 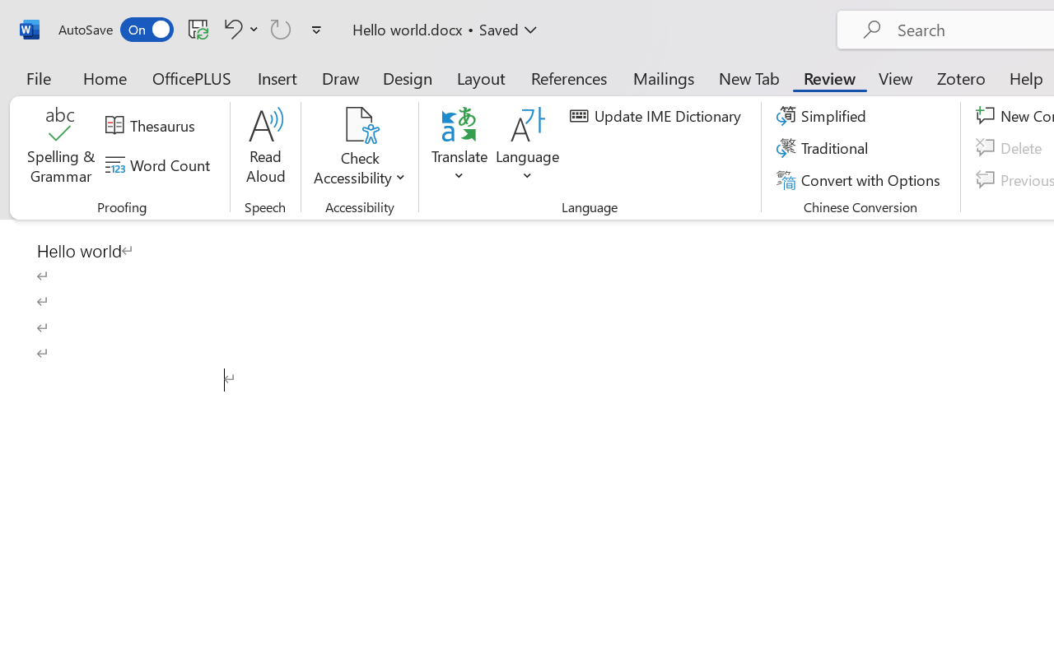 What do you see at coordinates (823, 116) in the screenshot?
I see `'Simplified'` at bounding box center [823, 116].